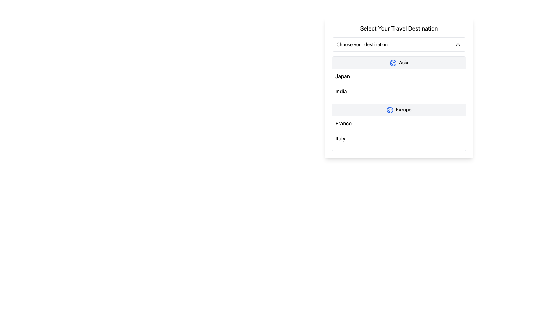 The width and height of the screenshot is (558, 314). Describe the element at coordinates (403, 63) in the screenshot. I see `the text label 'Asia'` at that location.